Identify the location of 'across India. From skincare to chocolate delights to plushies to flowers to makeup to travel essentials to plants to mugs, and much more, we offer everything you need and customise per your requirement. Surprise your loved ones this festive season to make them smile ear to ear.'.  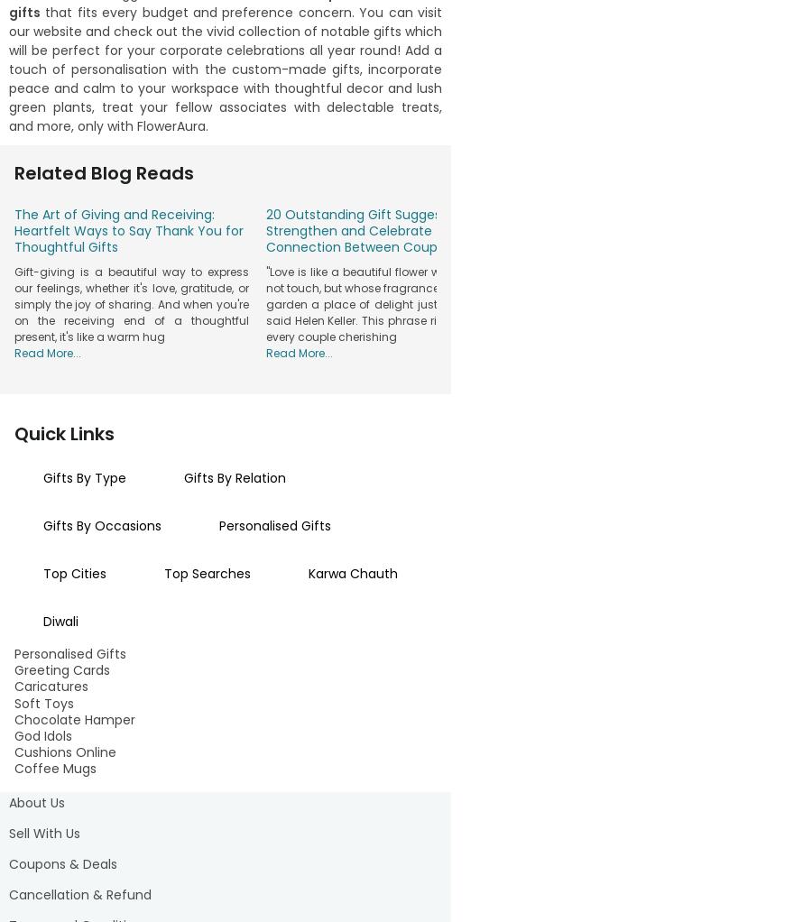
(225, 850).